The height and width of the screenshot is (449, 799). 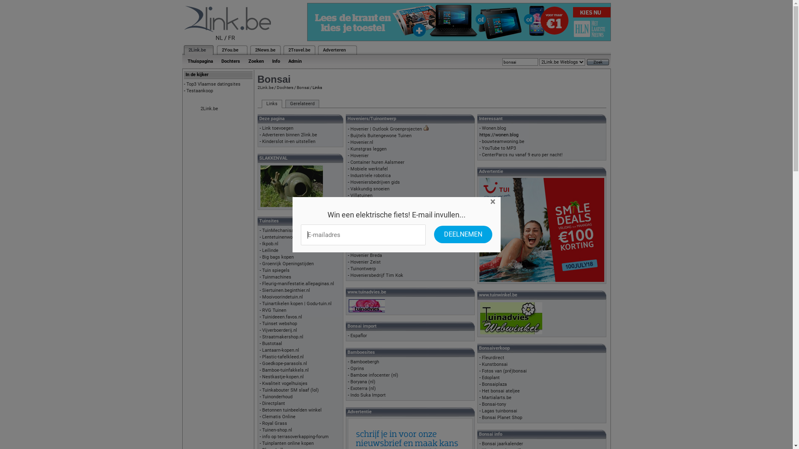 I want to click on 'Siertuinen.beginthier.nl', so click(x=286, y=290).